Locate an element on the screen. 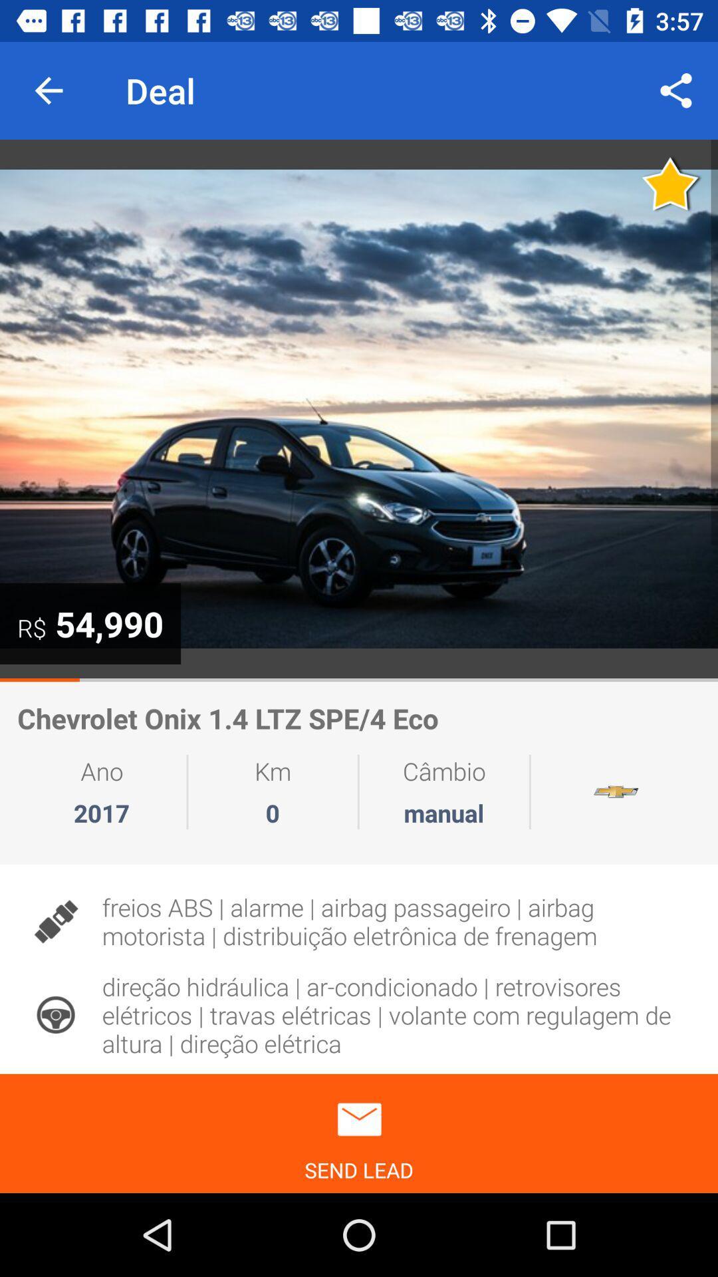 This screenshot has width=718, height=1277. add/remove to/from favorites is located at coordinates (671, 183).